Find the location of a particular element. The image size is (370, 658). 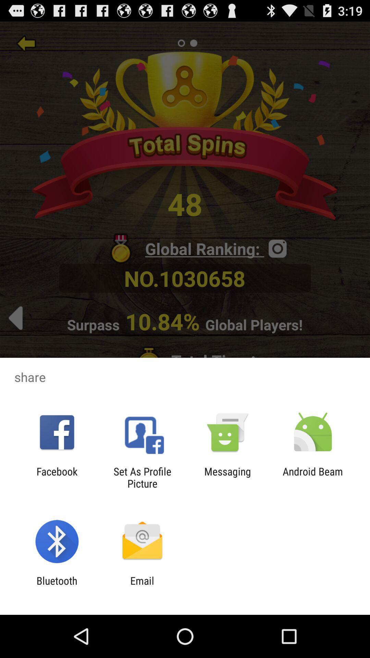

app to the left of set as profile icon is located at coordinates (57, 477).